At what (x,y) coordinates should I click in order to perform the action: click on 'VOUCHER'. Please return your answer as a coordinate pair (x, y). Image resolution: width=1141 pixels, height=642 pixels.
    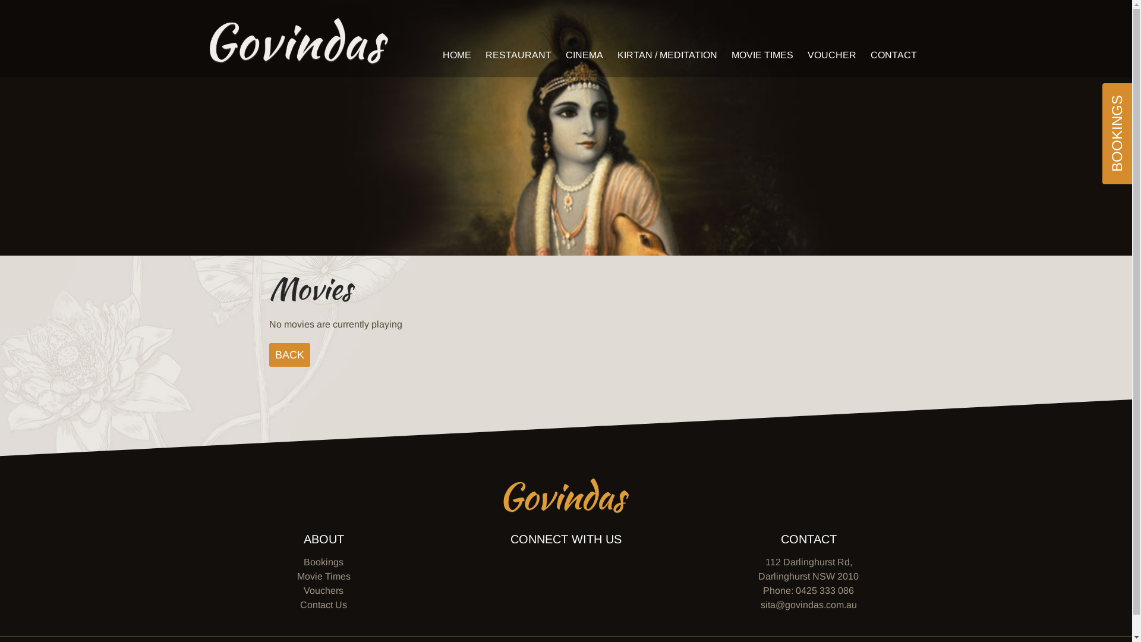
    Looking at the image, I should click on (801, 55).